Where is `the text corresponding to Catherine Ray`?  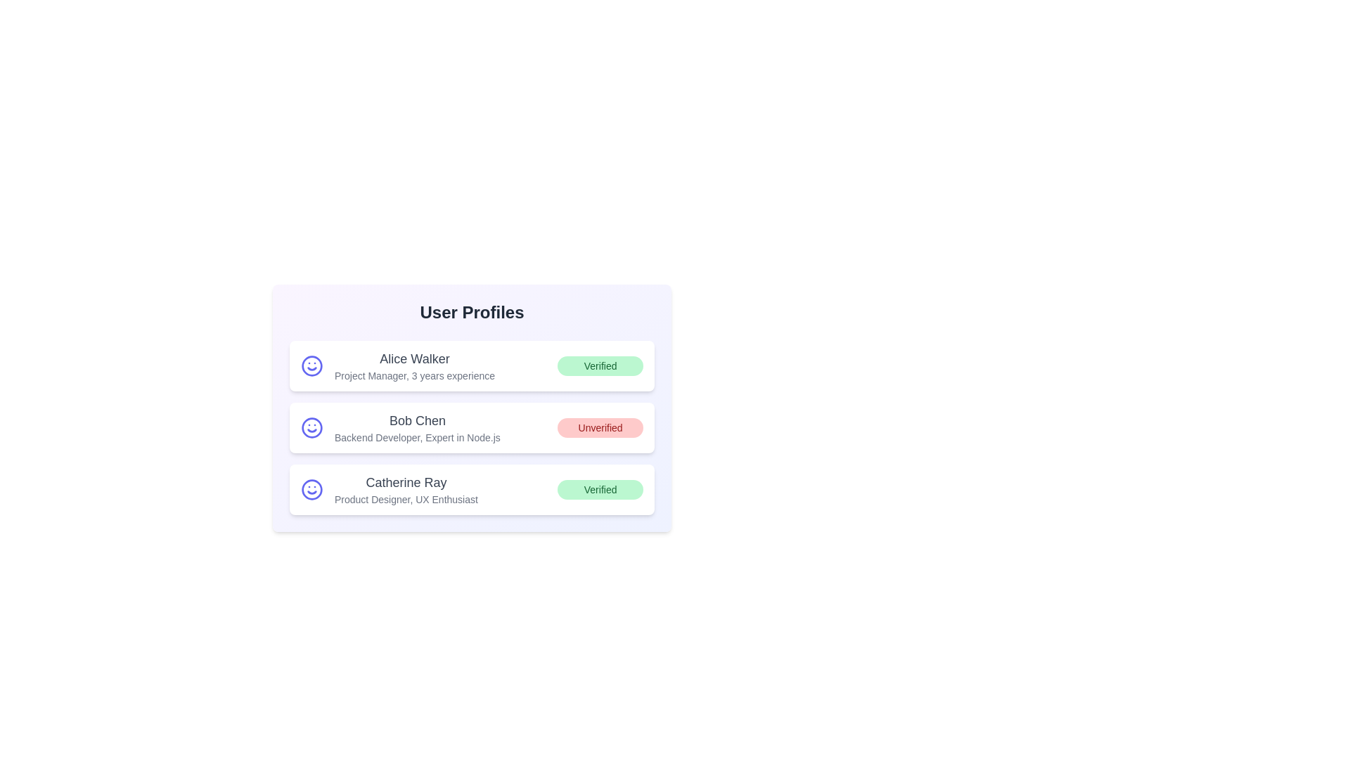
the text corresponding to Catherine Ray is located at coordinates (333, 472).